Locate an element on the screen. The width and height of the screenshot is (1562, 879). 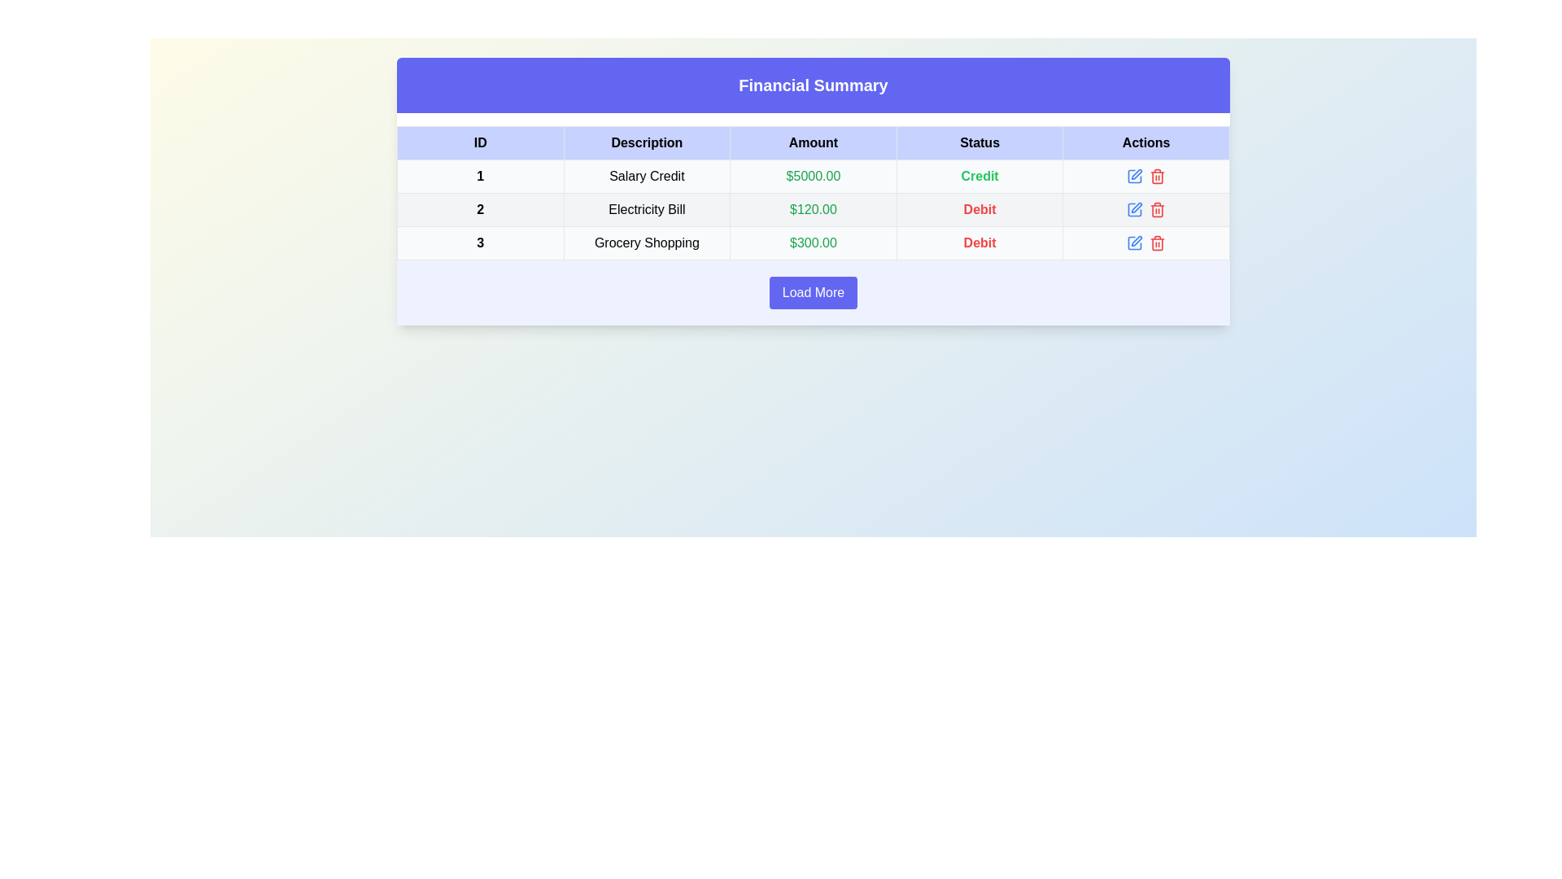
the second row of the financial summary table is located at coordinates (813, 209).